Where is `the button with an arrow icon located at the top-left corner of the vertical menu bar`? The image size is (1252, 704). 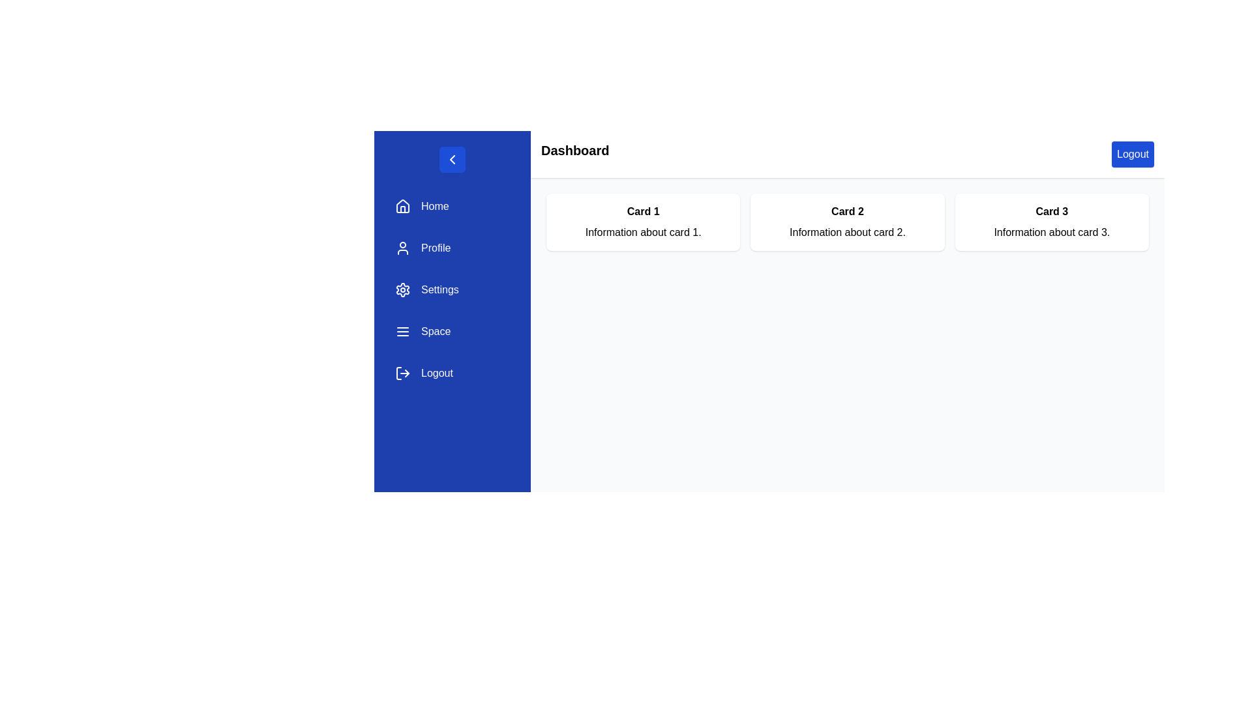
the button with an arrow icon located at the top-left corner of the vertical menu bar is located at coordinates (453, 159).